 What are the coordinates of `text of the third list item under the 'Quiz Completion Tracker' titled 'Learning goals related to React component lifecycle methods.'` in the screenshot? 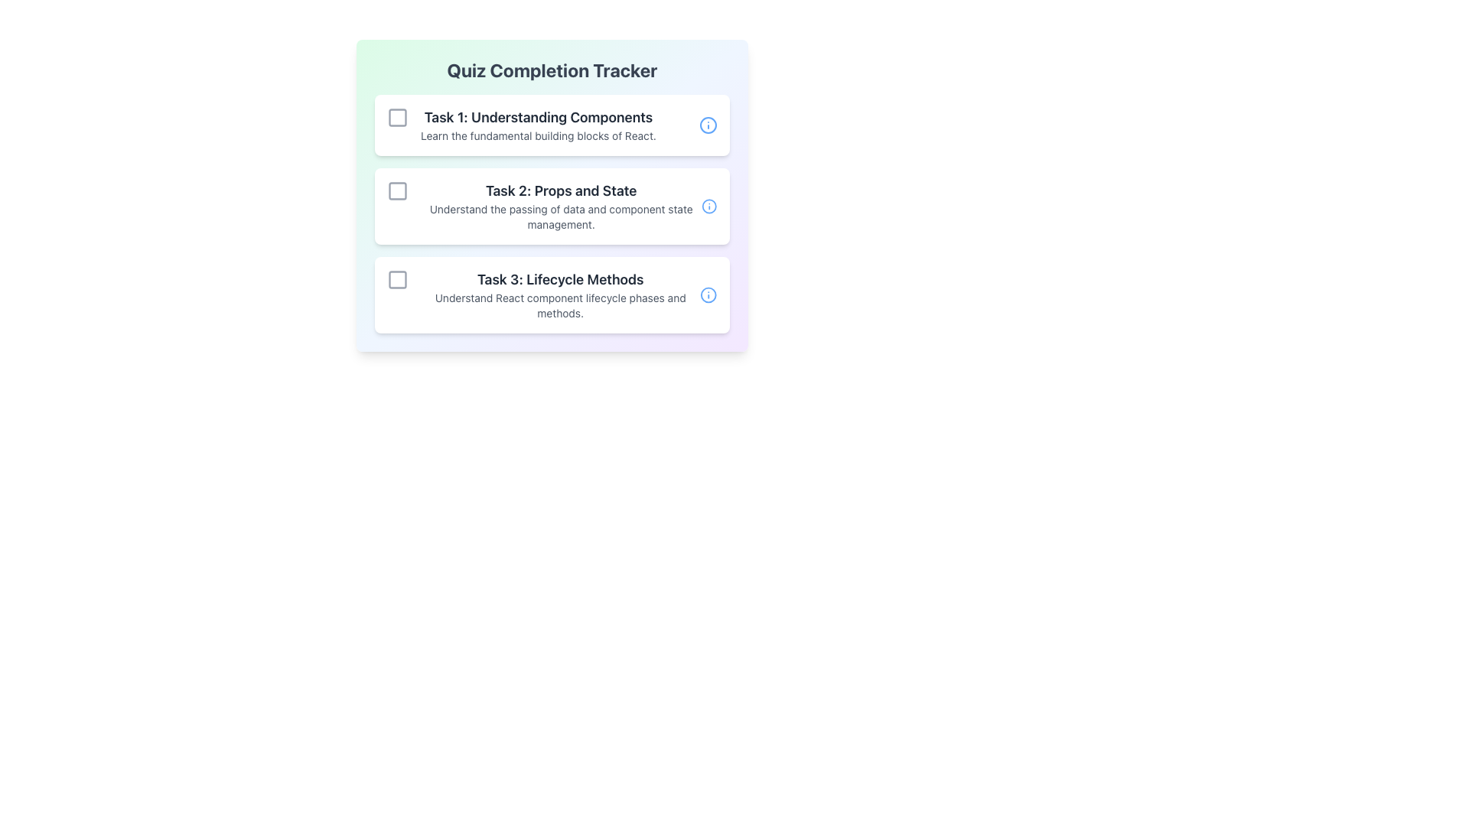 It's located at (559, 294).